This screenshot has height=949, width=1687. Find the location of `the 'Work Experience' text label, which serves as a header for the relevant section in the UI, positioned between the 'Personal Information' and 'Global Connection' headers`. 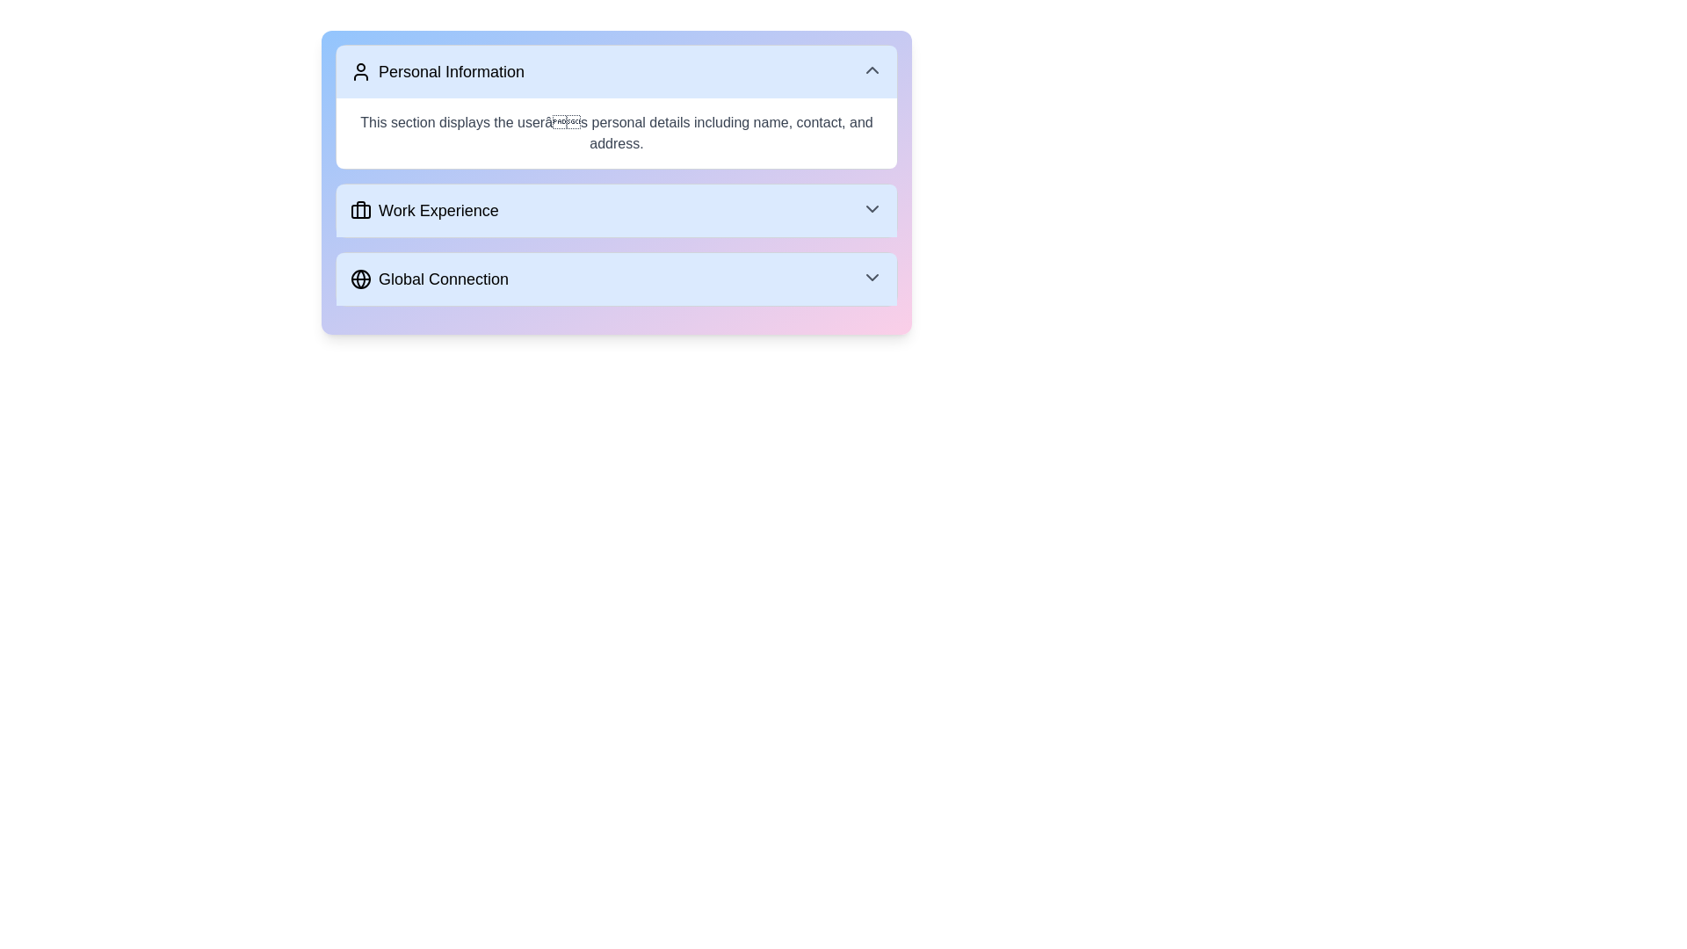

the 'Work Experience' text label, which serves as a header for the relevant section in the UI, positioned between the 'Personal Information' and 'Global Connection' headers is located at coordinates (438, 209).